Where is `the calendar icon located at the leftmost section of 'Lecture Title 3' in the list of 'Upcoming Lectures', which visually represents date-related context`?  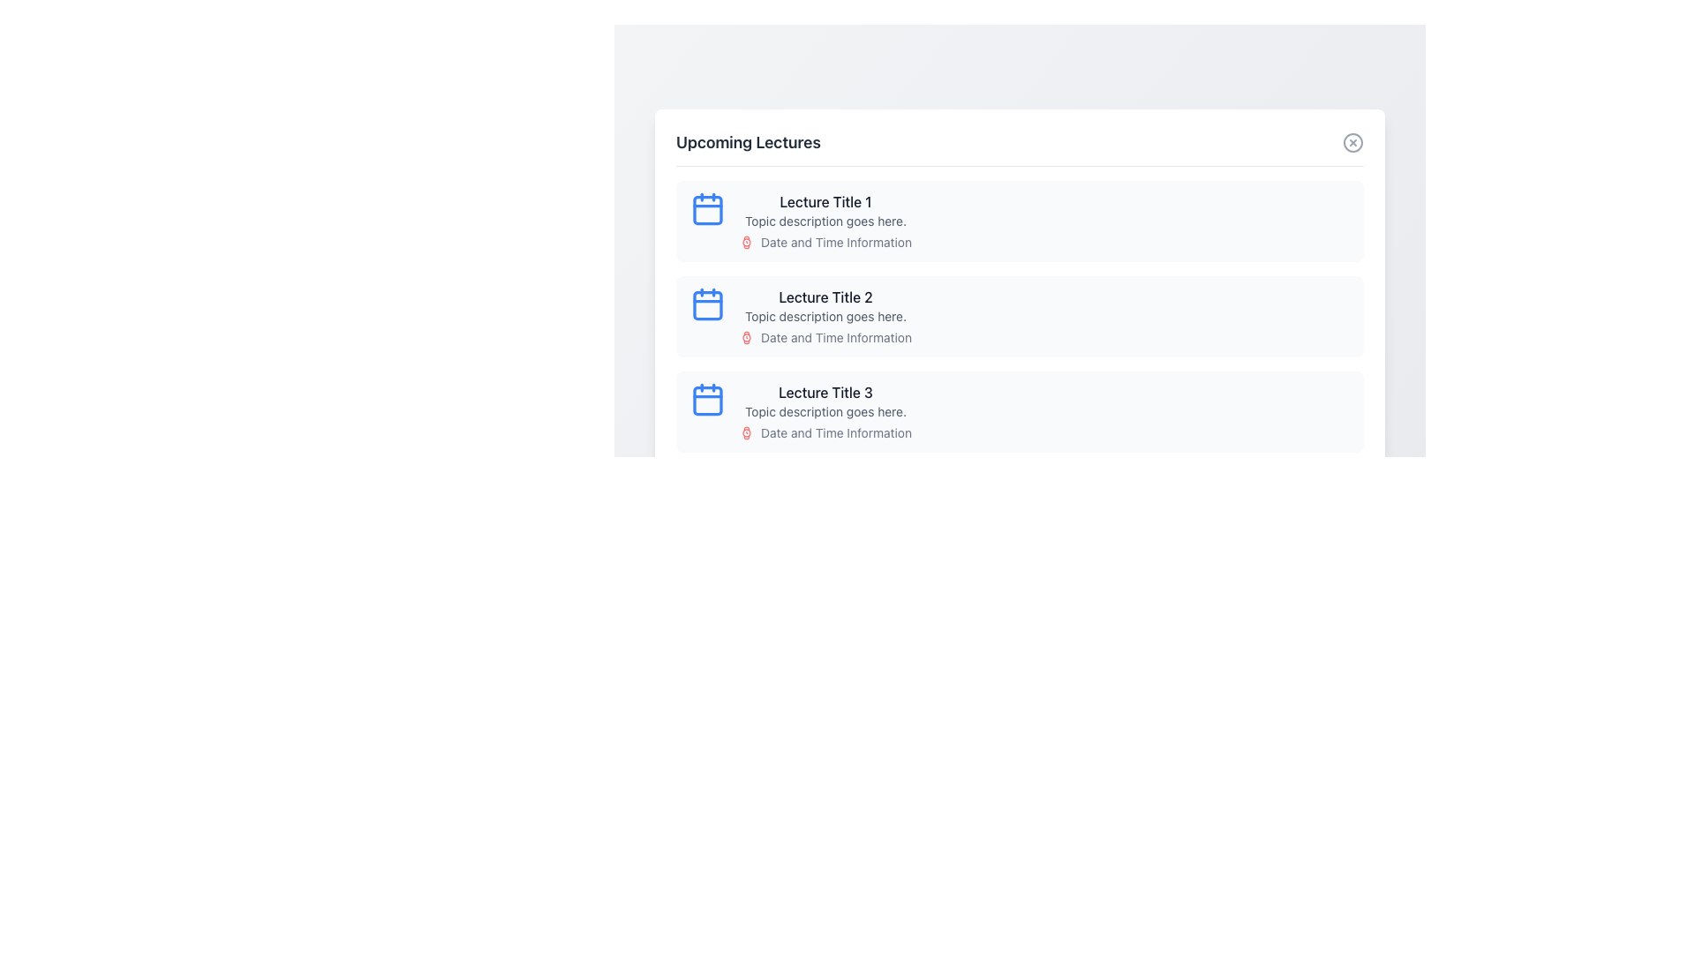
the calendar icon located at the leftmost section of 'Lecture Title 3' in the list of 'Upcoming Lectures', which visually represents date-related context is located at coordinates (707, 399).